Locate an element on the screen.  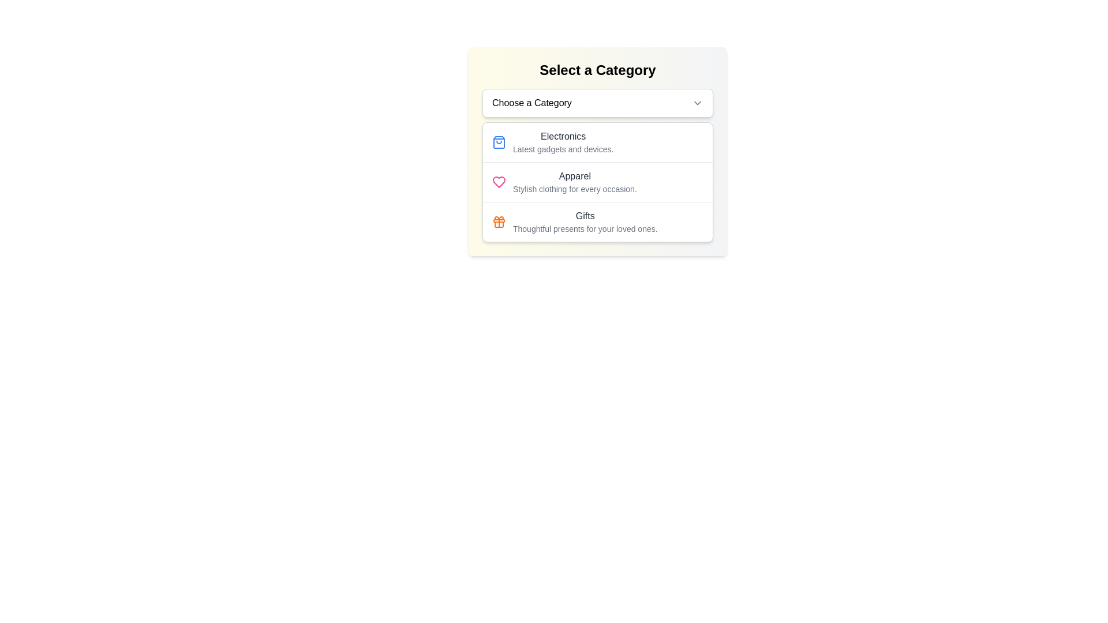
the 'Gifts' category icon, which visually represents the 'Gifts' category and is located to the left of the label text 'Gifts' is located at coordinates (499, 222).